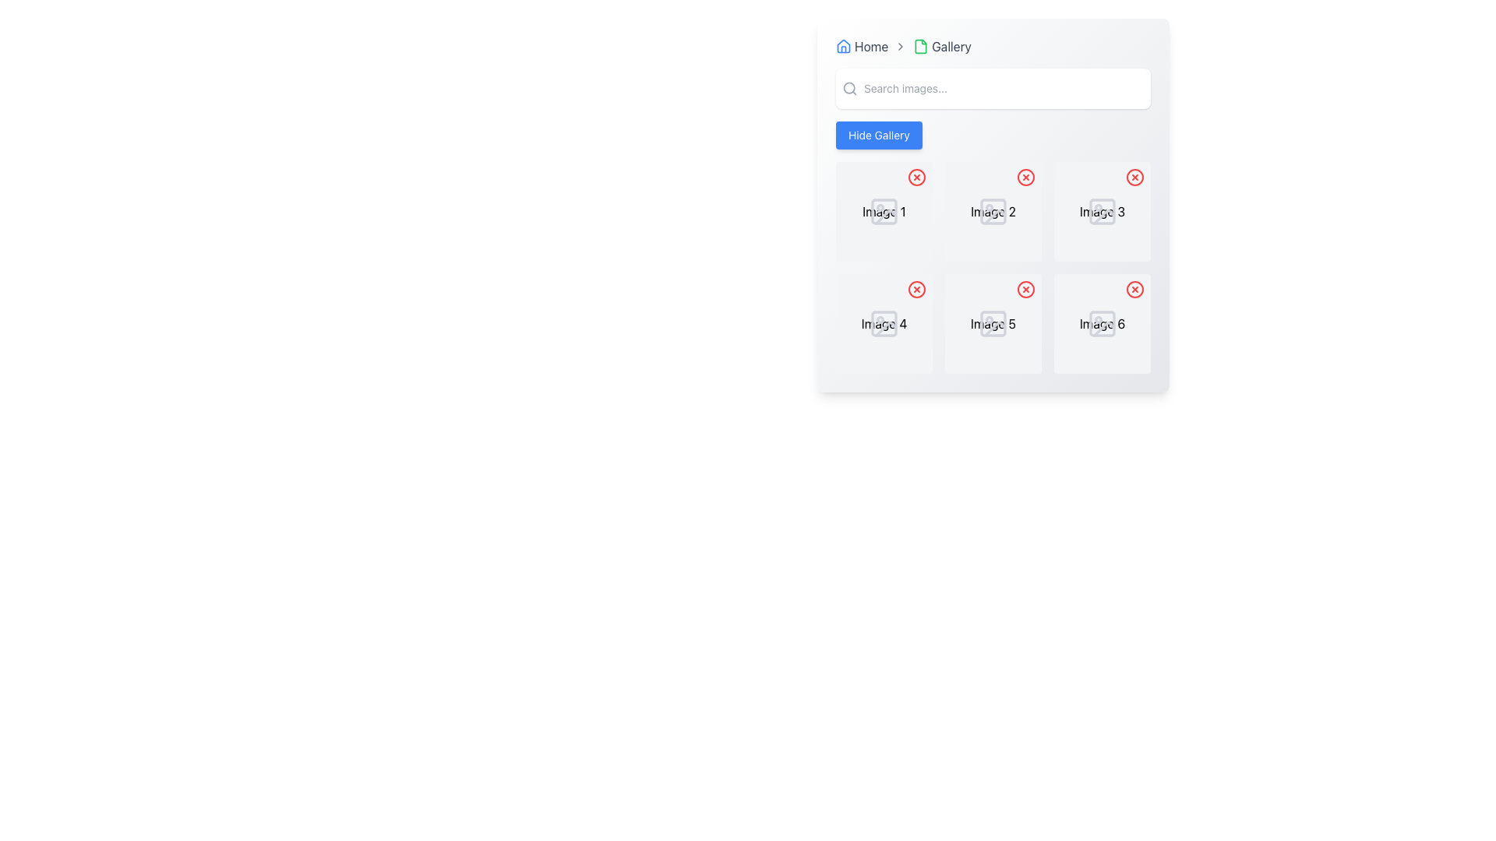  I want to click on the text label reading 'Image 5', so click(993, 323).